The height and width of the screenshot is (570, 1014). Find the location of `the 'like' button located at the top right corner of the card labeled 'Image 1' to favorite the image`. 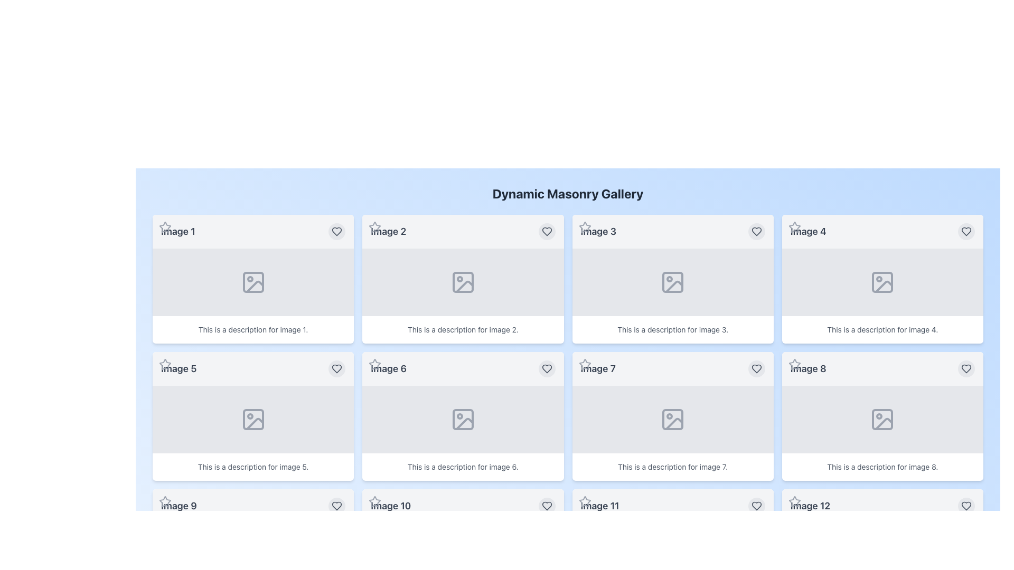

the 'like' button located at the top right corner of the card labeled 'Image 1' to favorite the image is located at coordinates (336, 231).